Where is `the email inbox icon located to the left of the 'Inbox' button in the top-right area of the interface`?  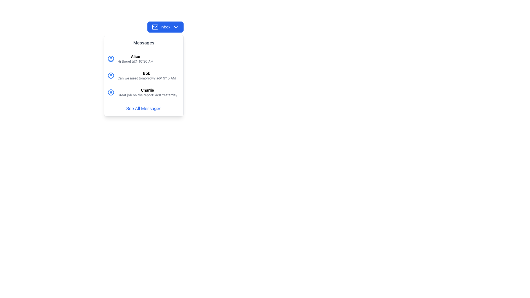
the email inbox icon located to the left of the 'Inbox' button in the top-right area of the interface is located at coordinates (155, 27).